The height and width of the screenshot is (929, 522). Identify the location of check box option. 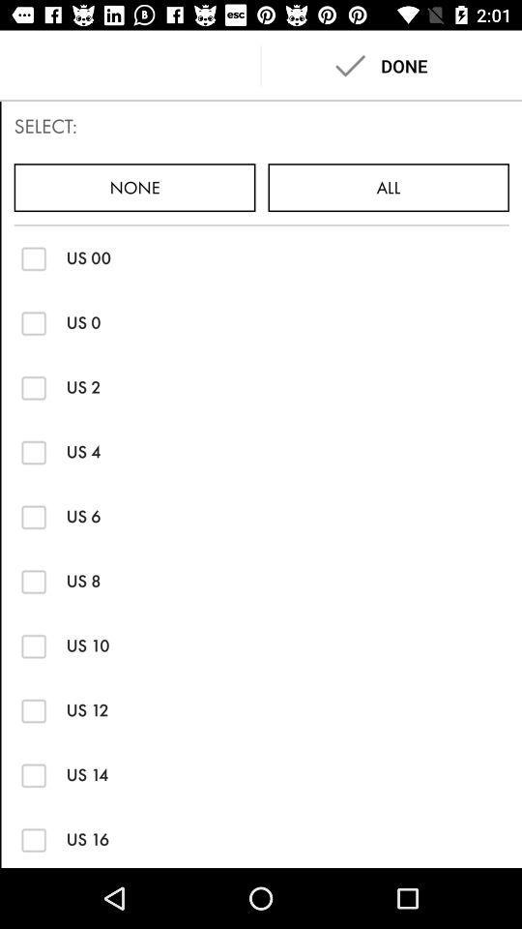
(34, 452).